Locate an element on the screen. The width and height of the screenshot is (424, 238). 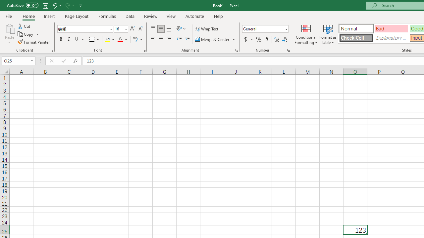
'Insert' is located at coordinates (49, 16).